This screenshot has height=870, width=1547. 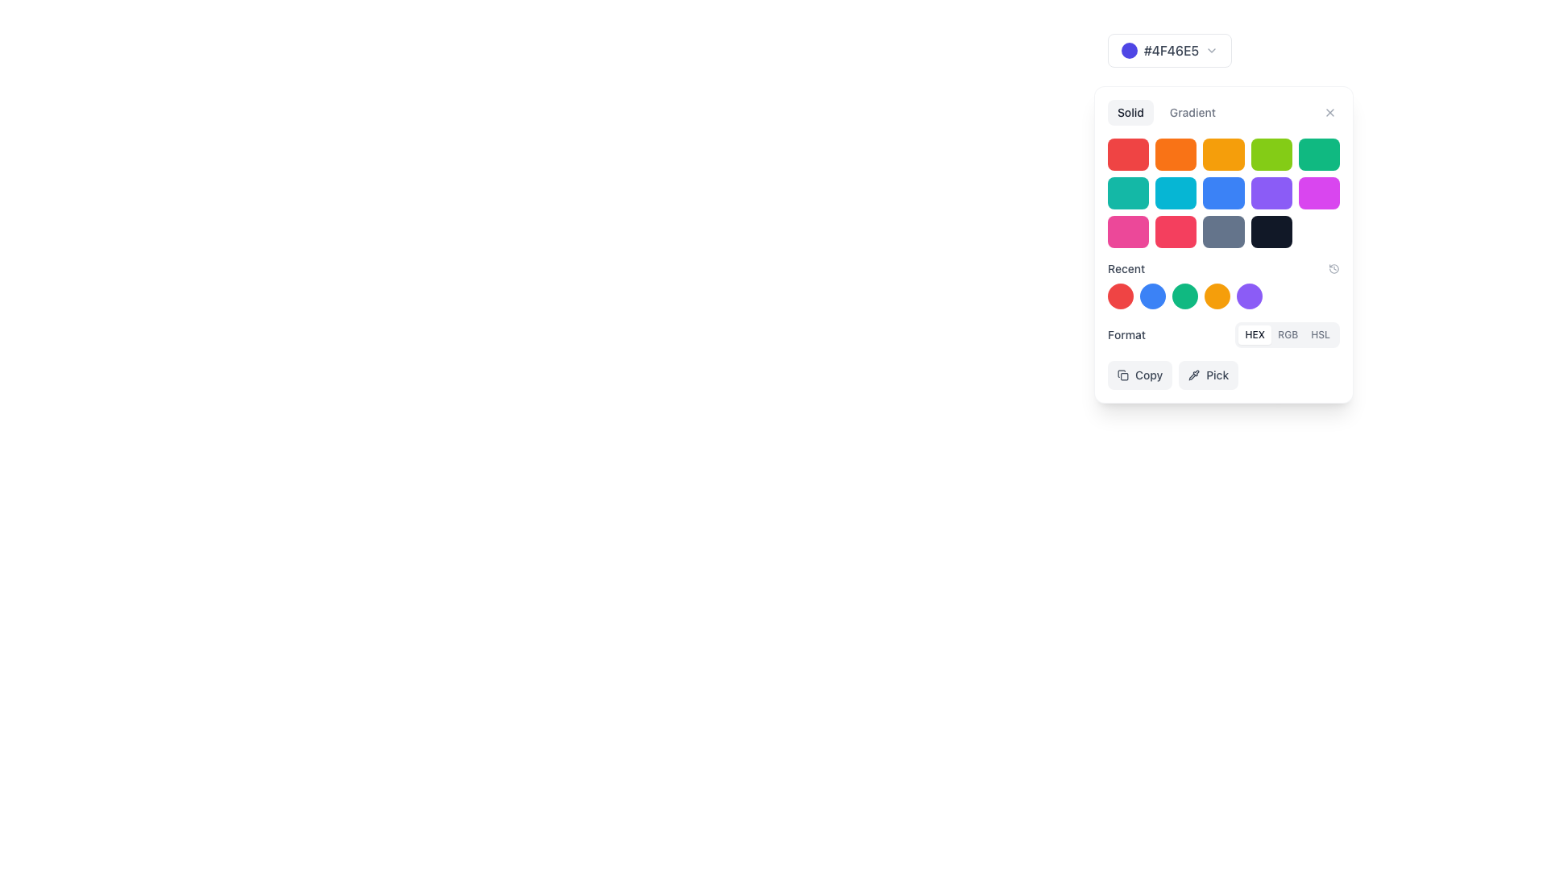 What do you see at coordinates (1248, 296) in the screenshot?
I see `the interactive purple circular button with a gray ring hover effect, which is the fifth button in a row of five circular buttons` at bounding box center [1248, 296].